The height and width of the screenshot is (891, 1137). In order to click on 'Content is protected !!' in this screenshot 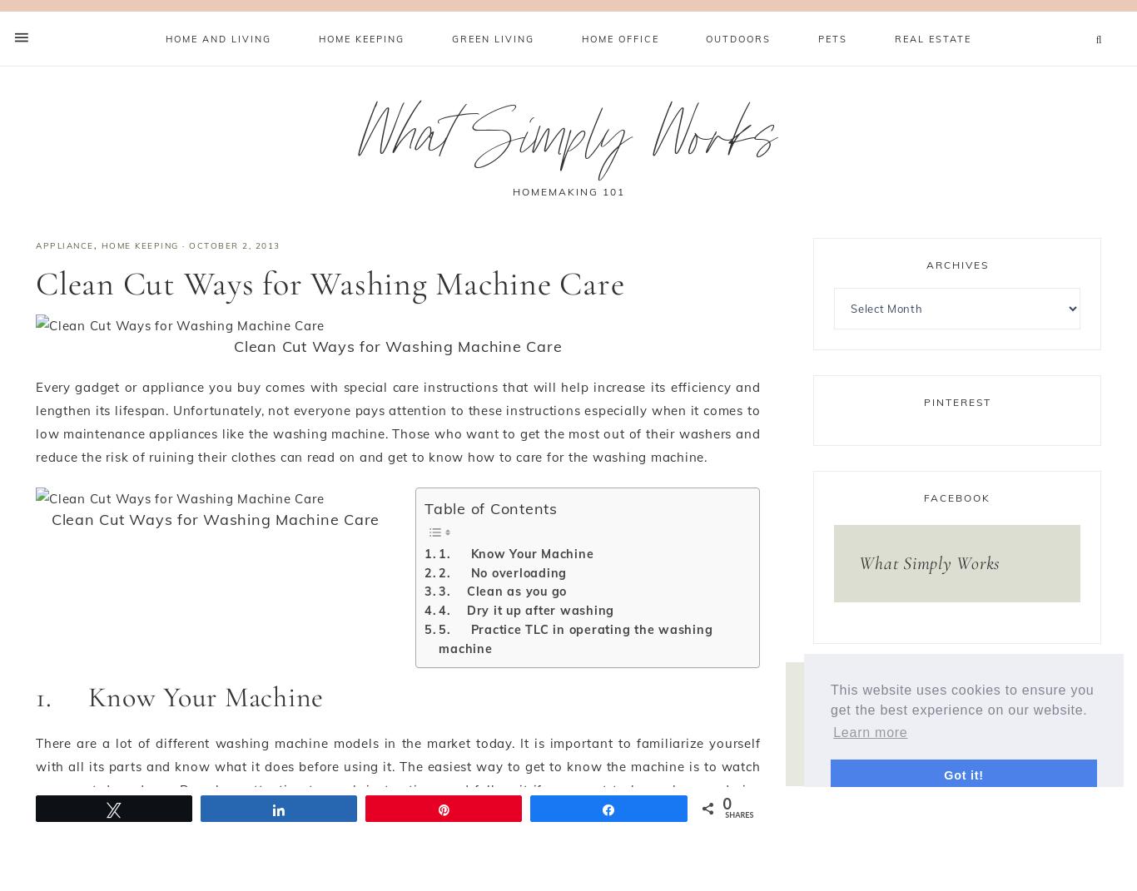, I will do `click(587, 428)`.